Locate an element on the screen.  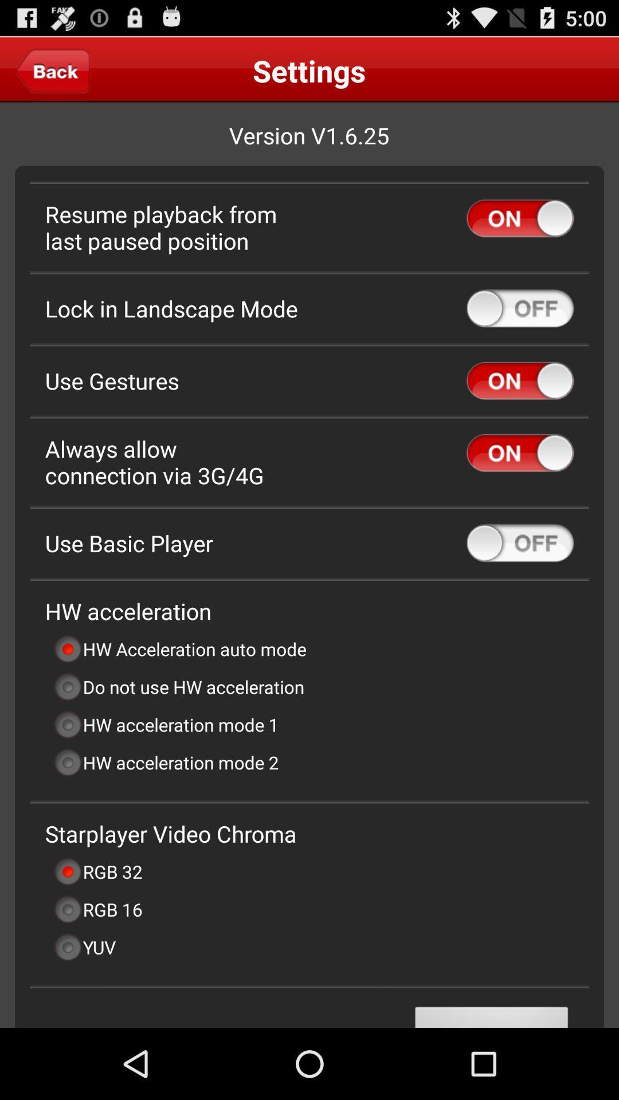
playback from last position is located at coordinates (520, 218).